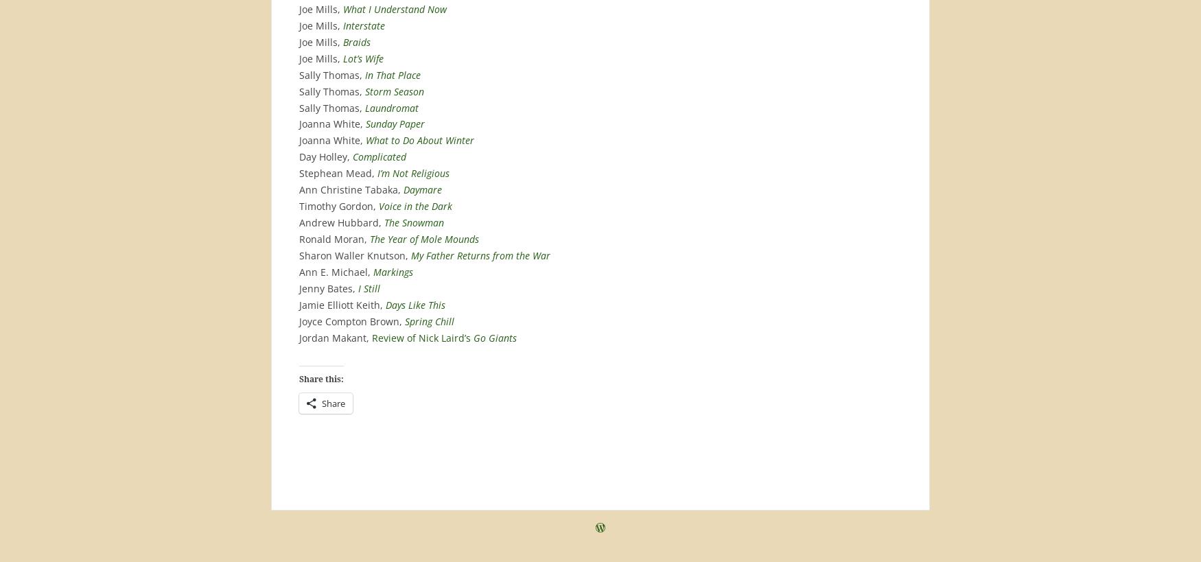 Image resolution: width=1201 pixels, height=562 pixels. What do you see at coordinates (495, 337) in the screenshot?
I see `'Go Giants'` at bounding box center [495, 337].